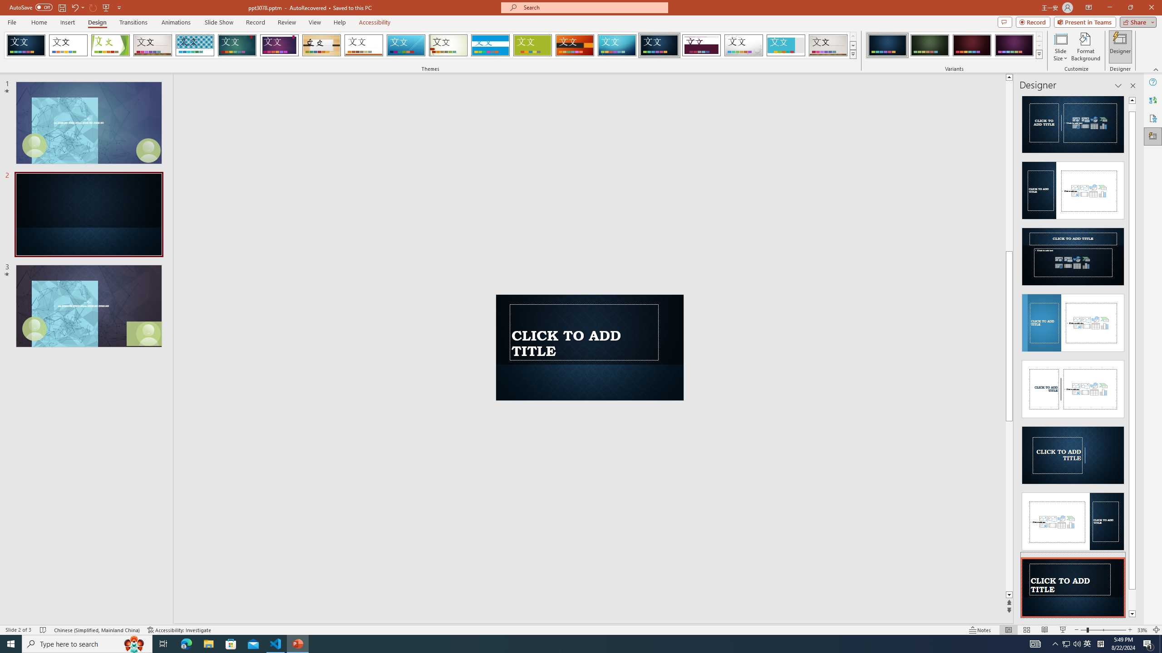 This screenshot has width=1162, height=653. I want to click on 'Organic', so click(322, 45).